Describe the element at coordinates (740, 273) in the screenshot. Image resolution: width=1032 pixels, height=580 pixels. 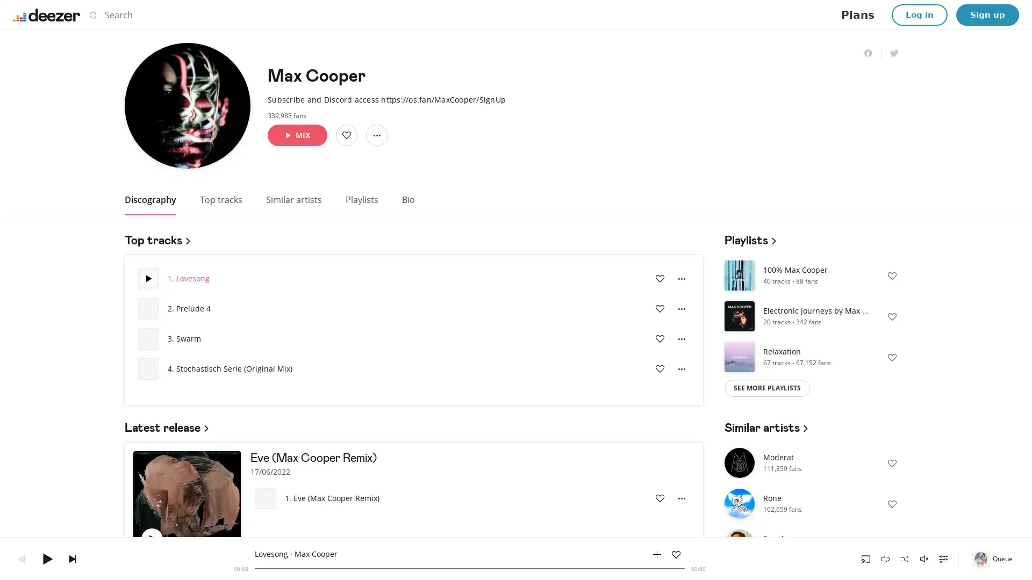
I see `Play` at that location.